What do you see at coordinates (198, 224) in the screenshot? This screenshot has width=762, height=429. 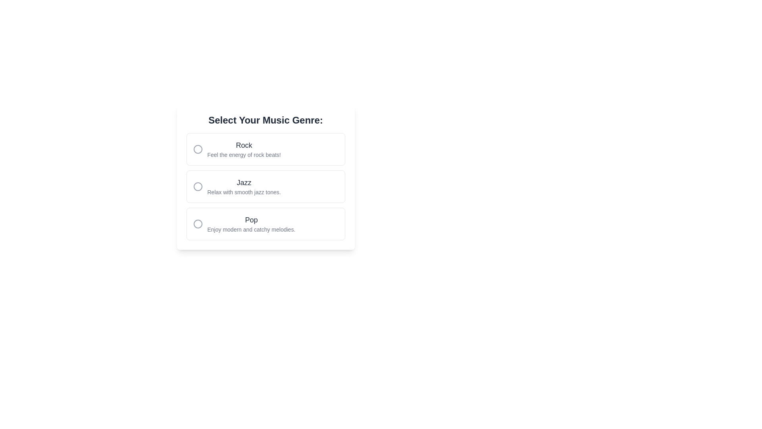 I see `the inactive radio button located to the left of the text 'Pop' in the 'Select Your Music Genre' interface` at bounding box center [198, 224].